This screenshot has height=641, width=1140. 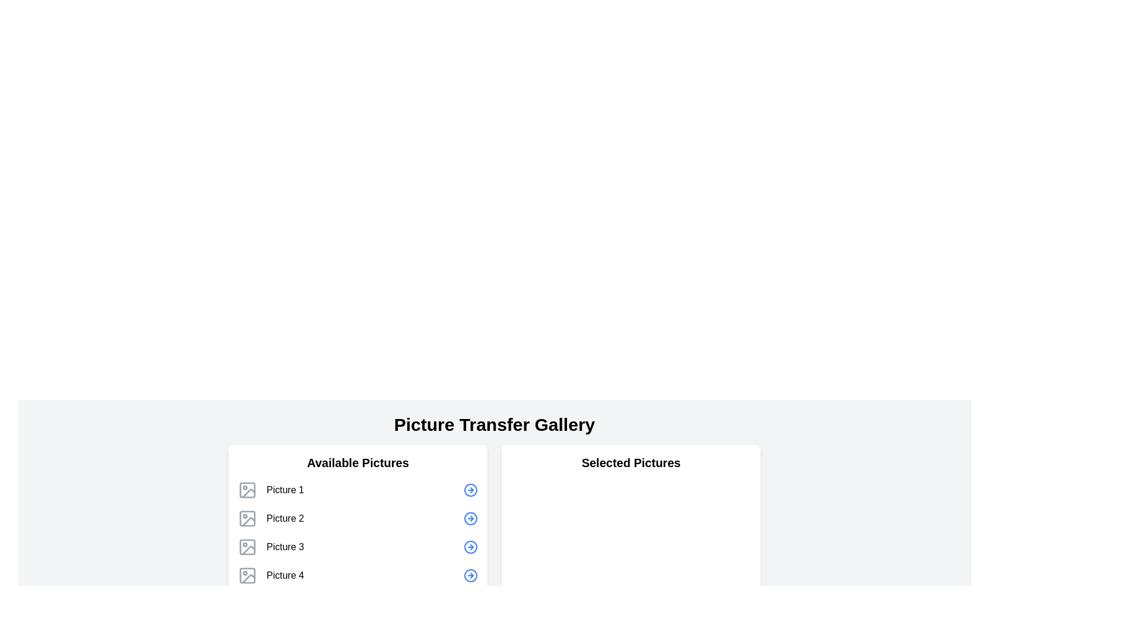 What do you see at coordinates (247, 490) in the screenshot?
I see `the rectangular icon representing a photo or image placeholder located to the left of the text 'Picture 1' in the 'Available Pictures' section` at bounding box center [247, 490].